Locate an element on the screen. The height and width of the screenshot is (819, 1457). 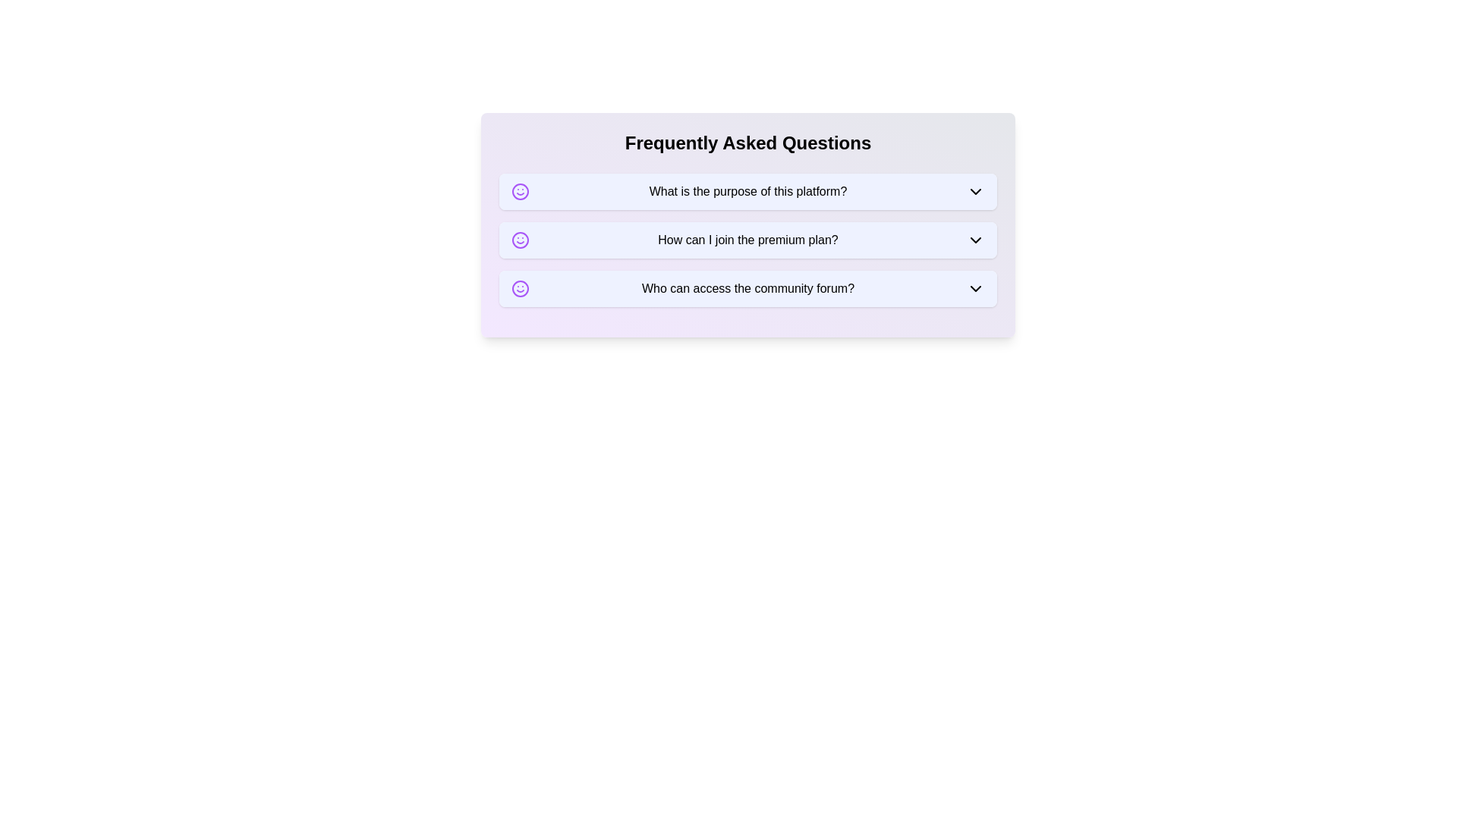
the purple SVG Circle representing the top-left part of the smiley face icon in the first FAQ item under 'Frequently Asked Questions' is located at coordinates (521, 191).